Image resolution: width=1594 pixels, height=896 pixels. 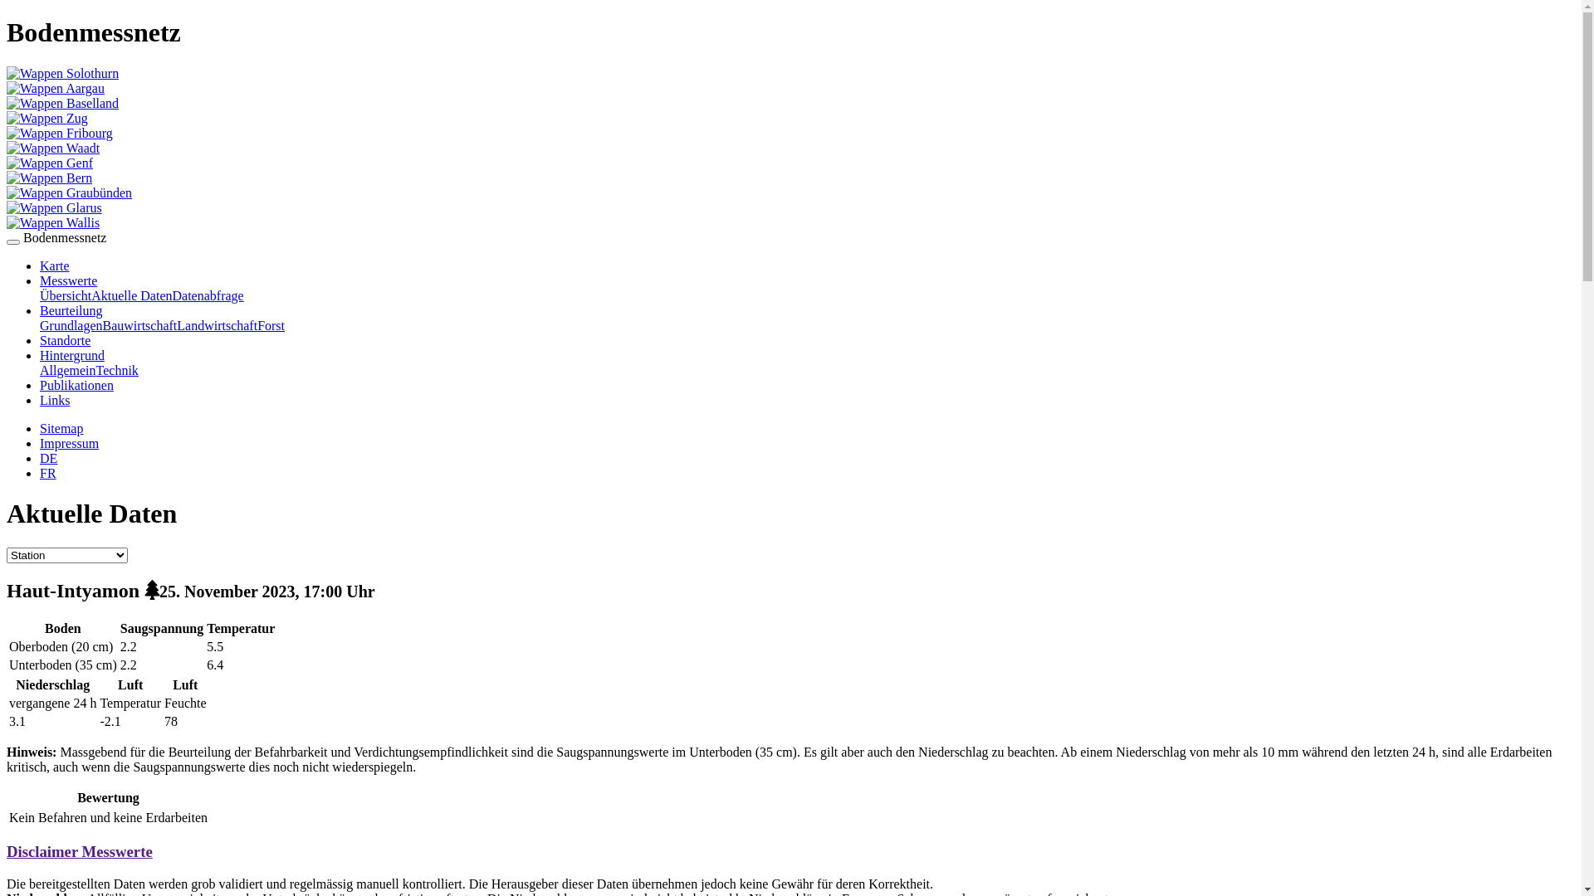 What do you see at coordinates (40, 369) in the screenshot?
I see `'Allgemein'` at bounding box center [40, 369].